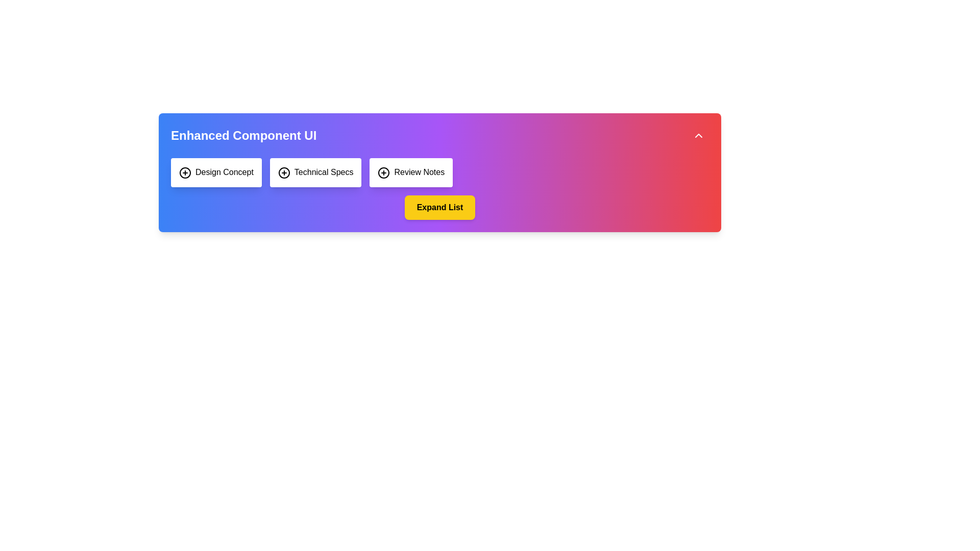 This screenshot has height=551, width=980. I want to click on the 'Review Notes' button, so click(411, 172).